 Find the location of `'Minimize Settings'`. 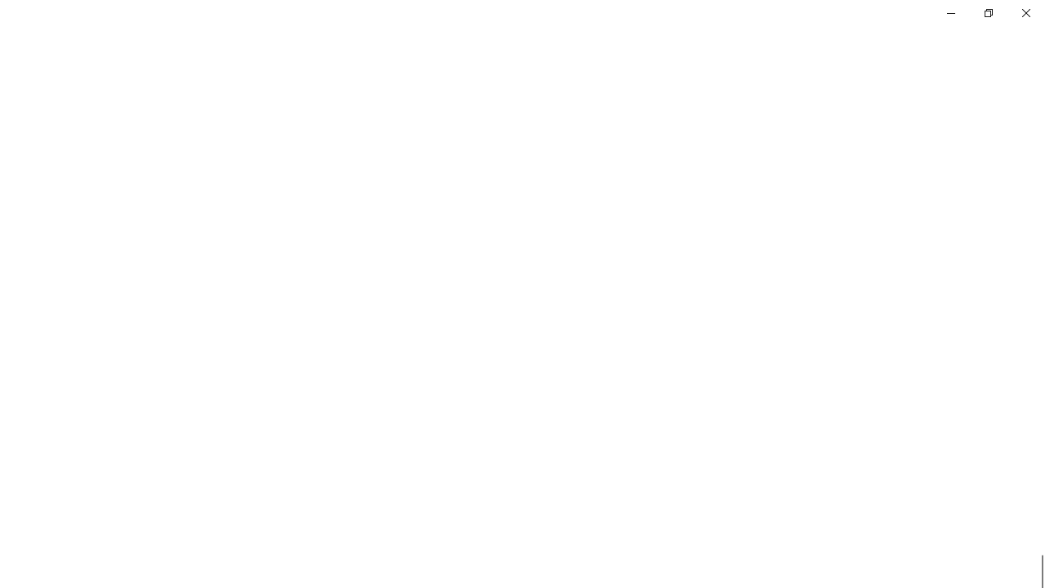

'Minimize Settings' is located at coordinates (950, 12).